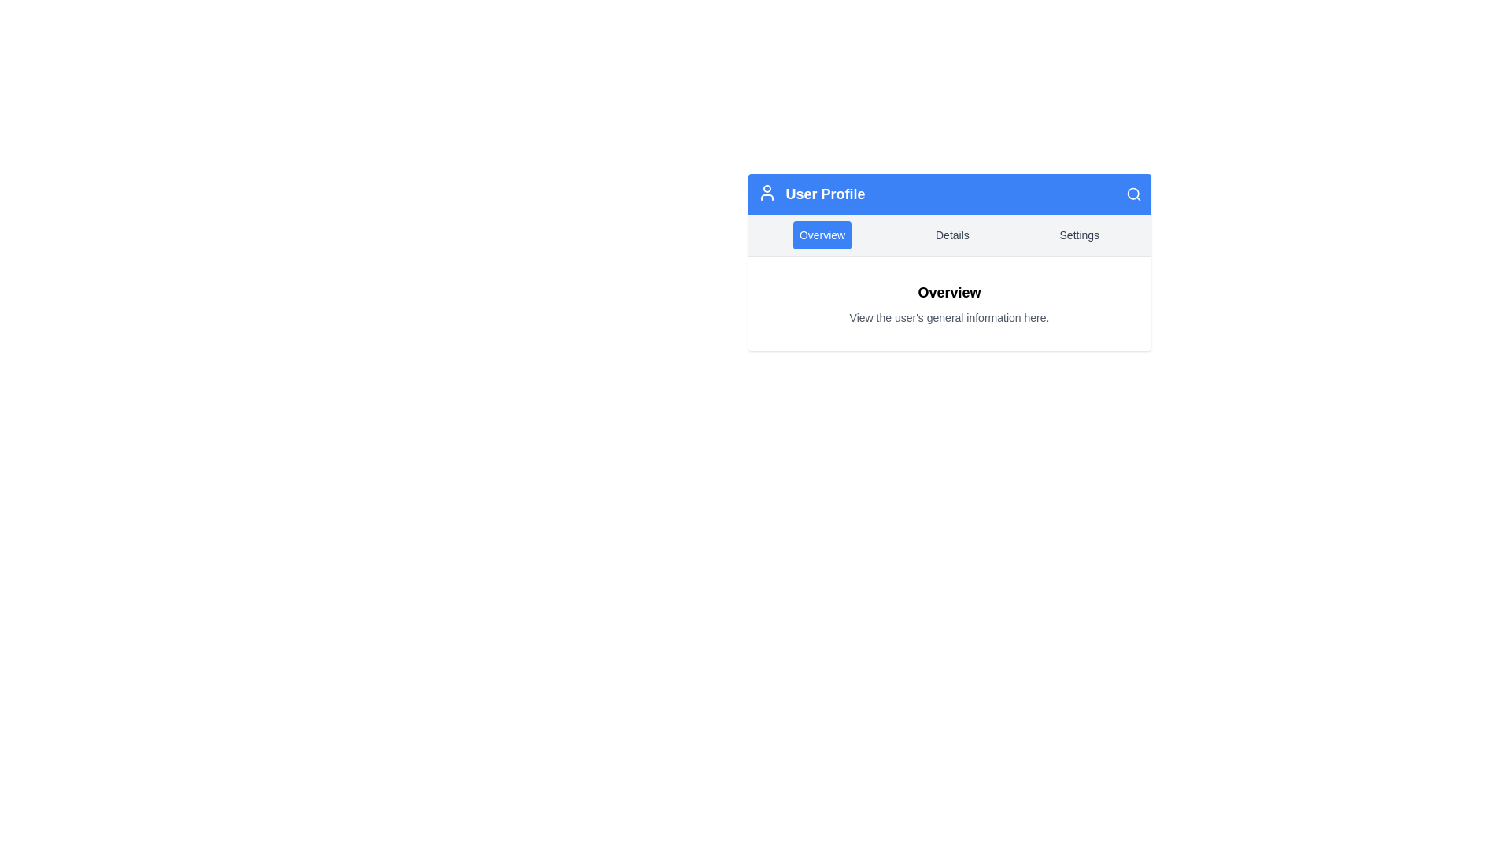  I want to click on the search icon button located in the top-right corner of the 'User Profile' header section, so click(1133, 193).